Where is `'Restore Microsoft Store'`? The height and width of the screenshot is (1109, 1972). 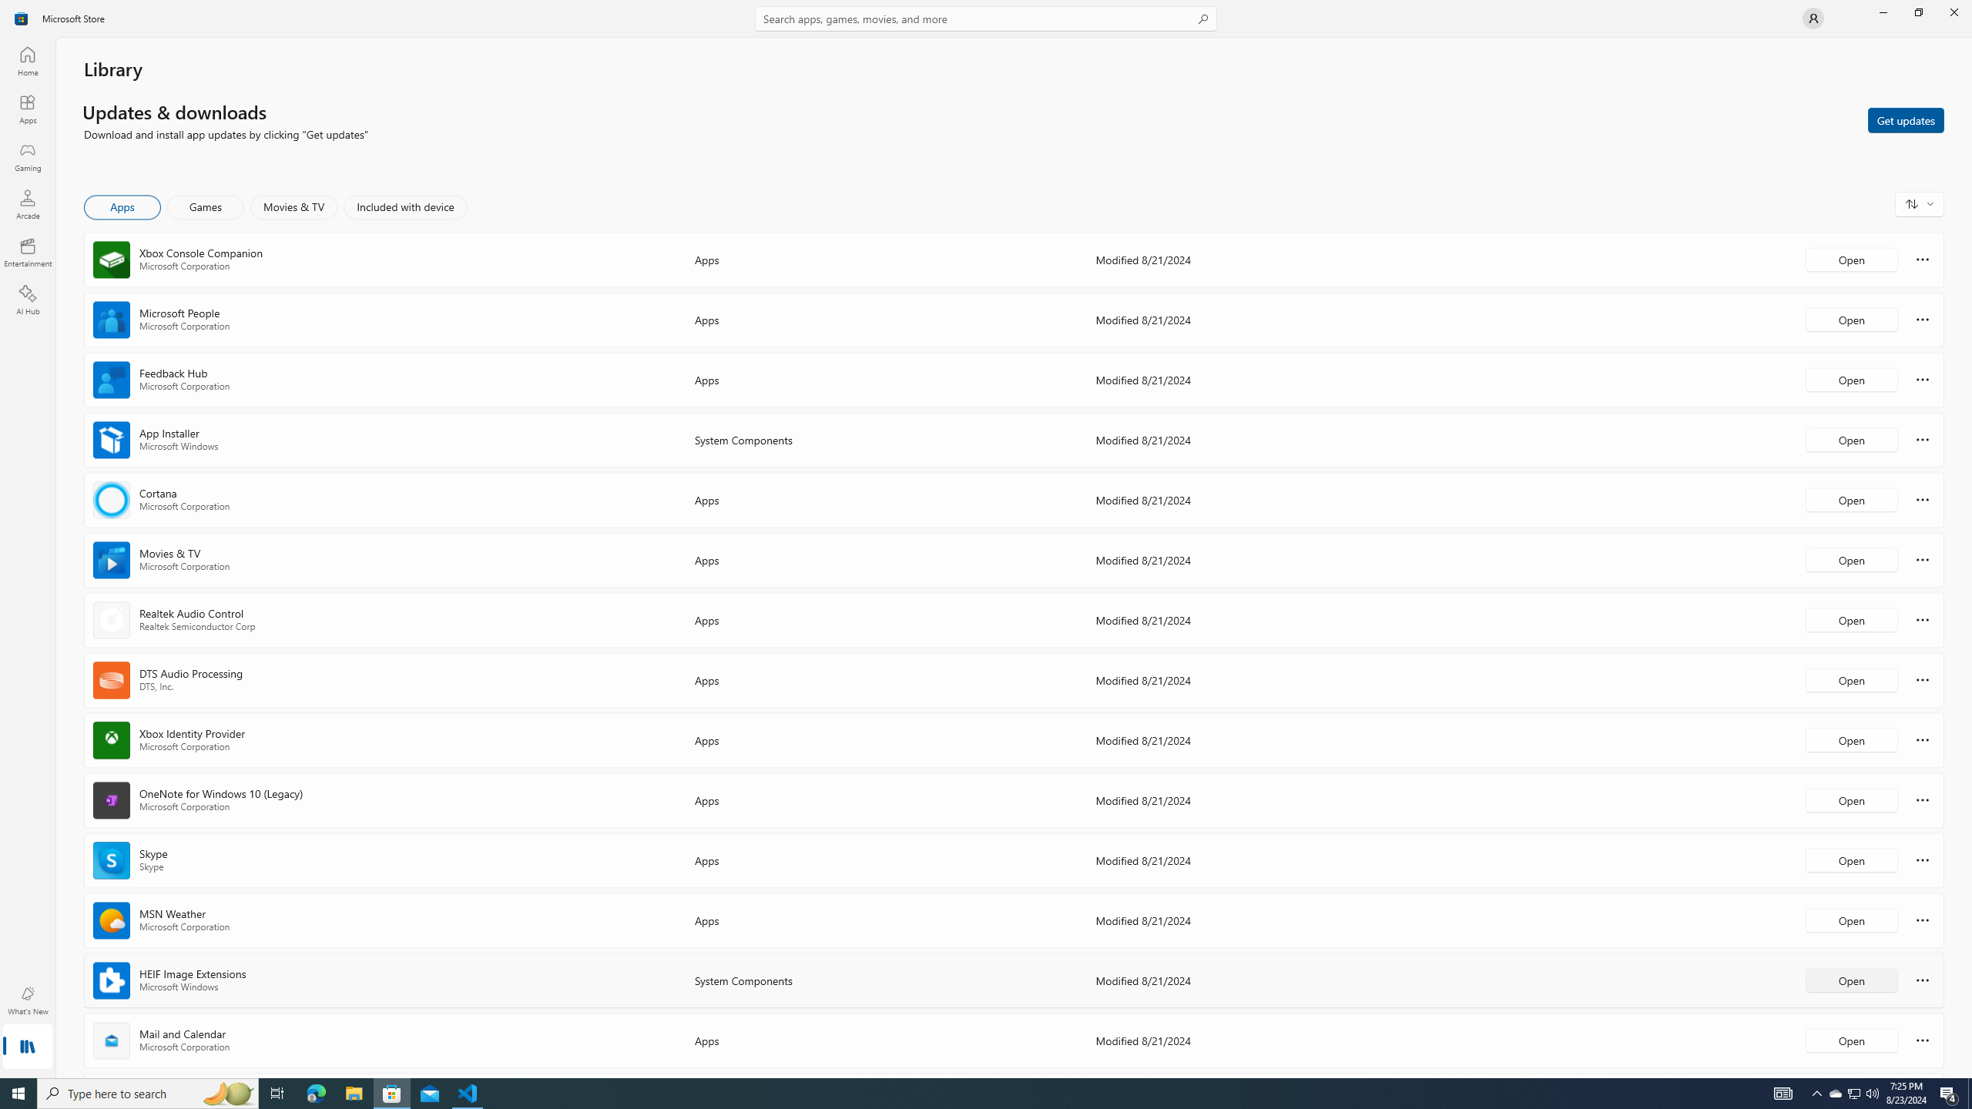
'Restore Microsoft Store' is located at coordinates (1918, 12).